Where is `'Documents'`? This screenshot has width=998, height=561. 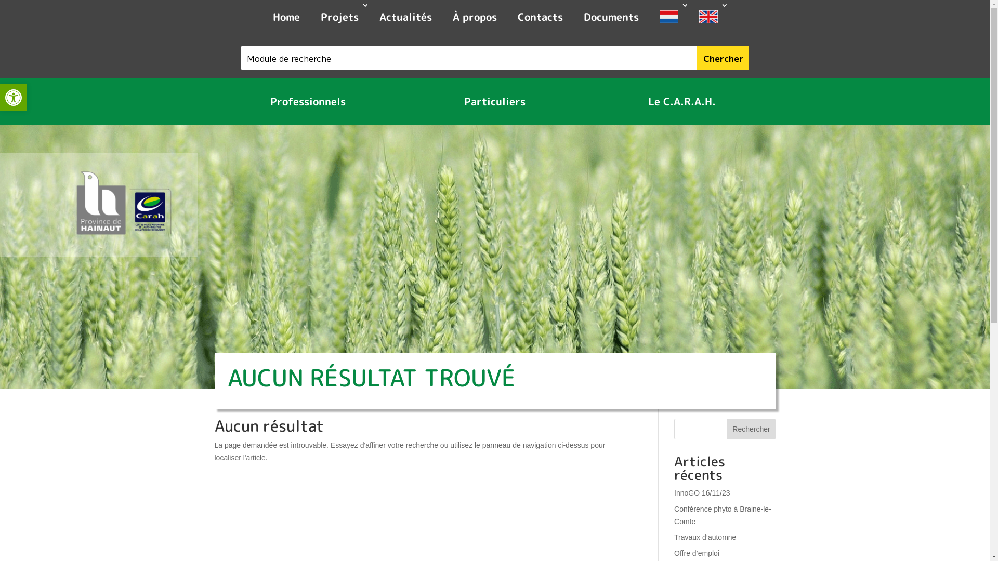
'Documents' is located at coordinates (572, 18).